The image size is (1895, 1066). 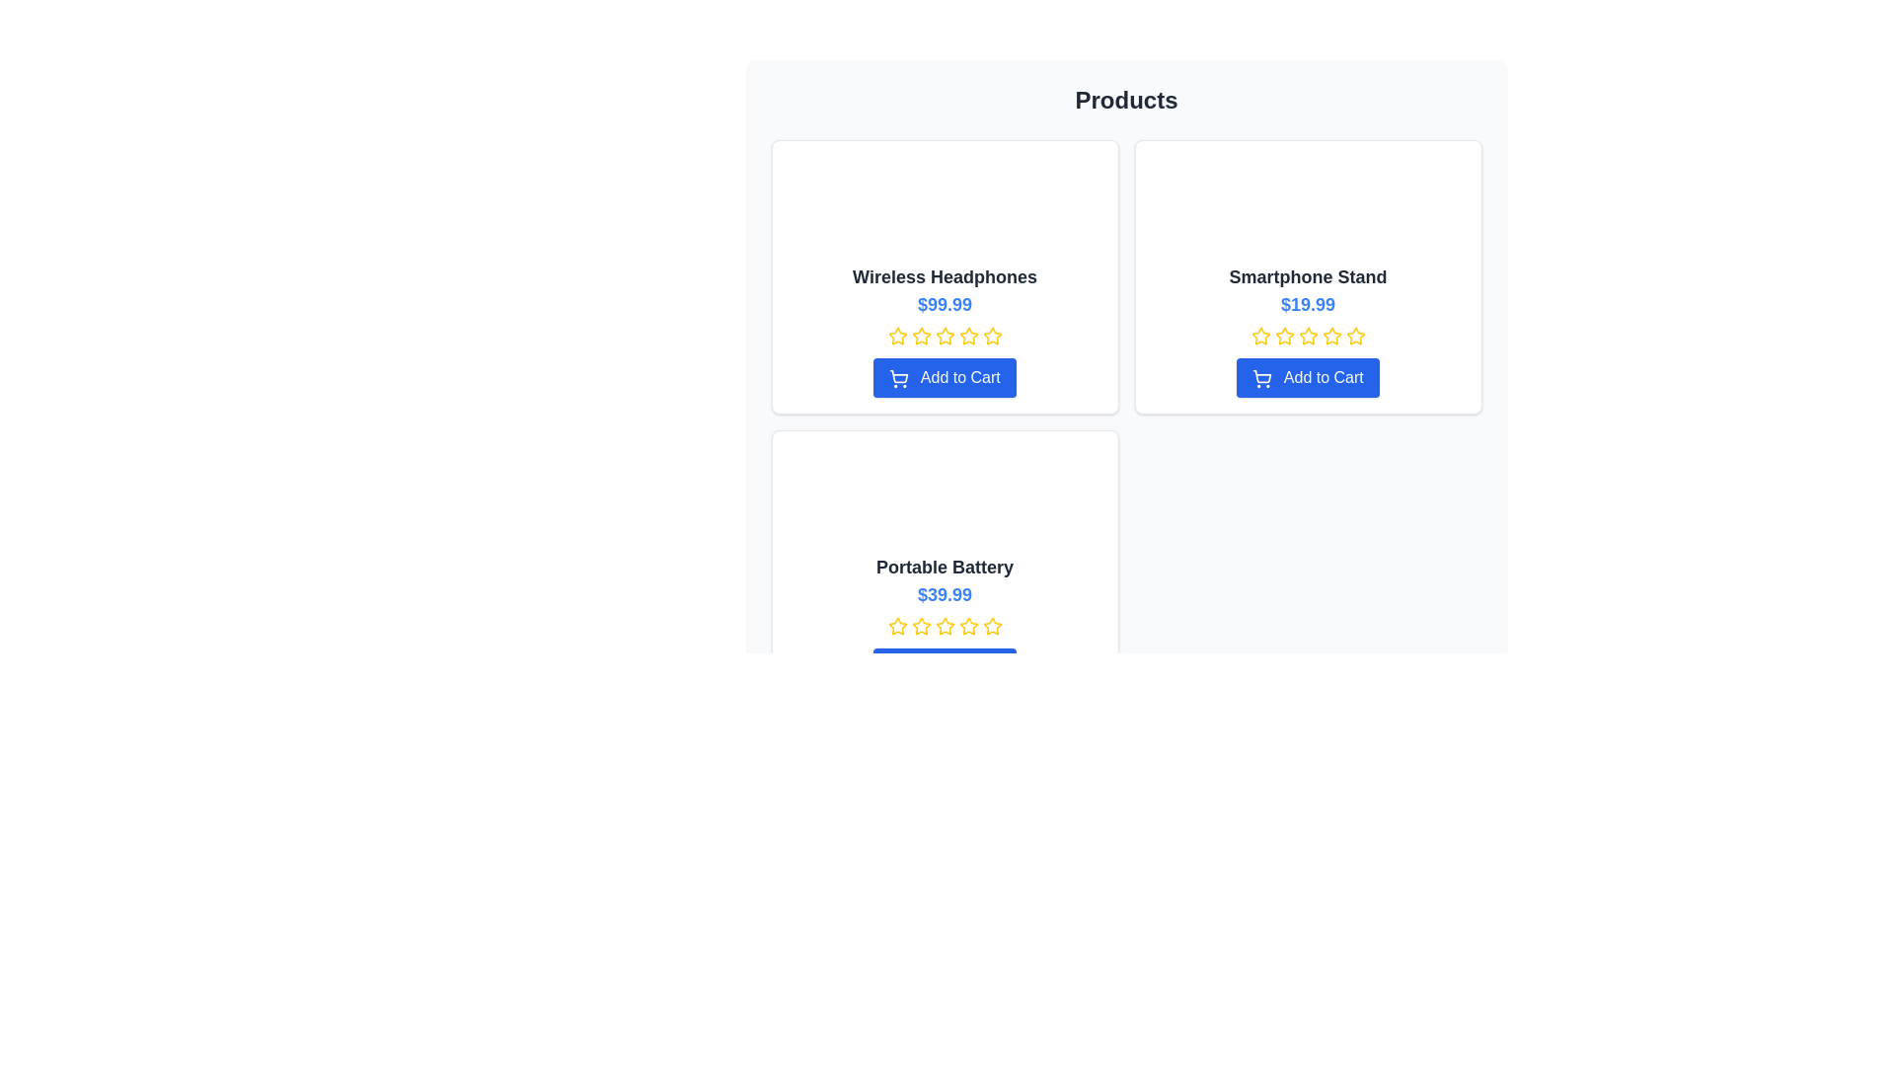 I want to click on the fourth star icon in the rating system beneath the text 'Portable Battery $39.99' for accessibility navigation, so click(x=944, y=627).